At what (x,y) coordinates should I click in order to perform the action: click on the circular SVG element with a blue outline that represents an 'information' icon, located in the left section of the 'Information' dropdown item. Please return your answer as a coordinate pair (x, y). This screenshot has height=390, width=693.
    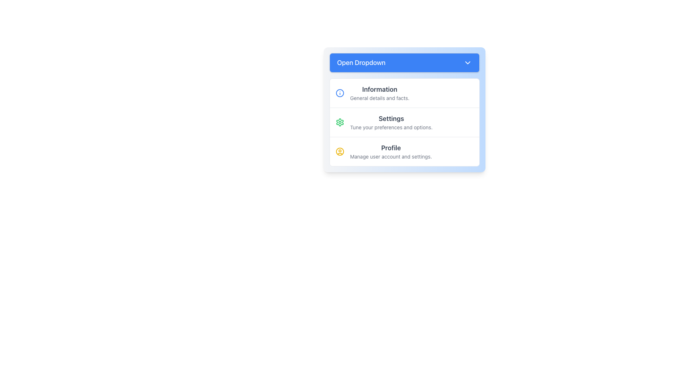
    Looking at the image, I should click on (339, 93).